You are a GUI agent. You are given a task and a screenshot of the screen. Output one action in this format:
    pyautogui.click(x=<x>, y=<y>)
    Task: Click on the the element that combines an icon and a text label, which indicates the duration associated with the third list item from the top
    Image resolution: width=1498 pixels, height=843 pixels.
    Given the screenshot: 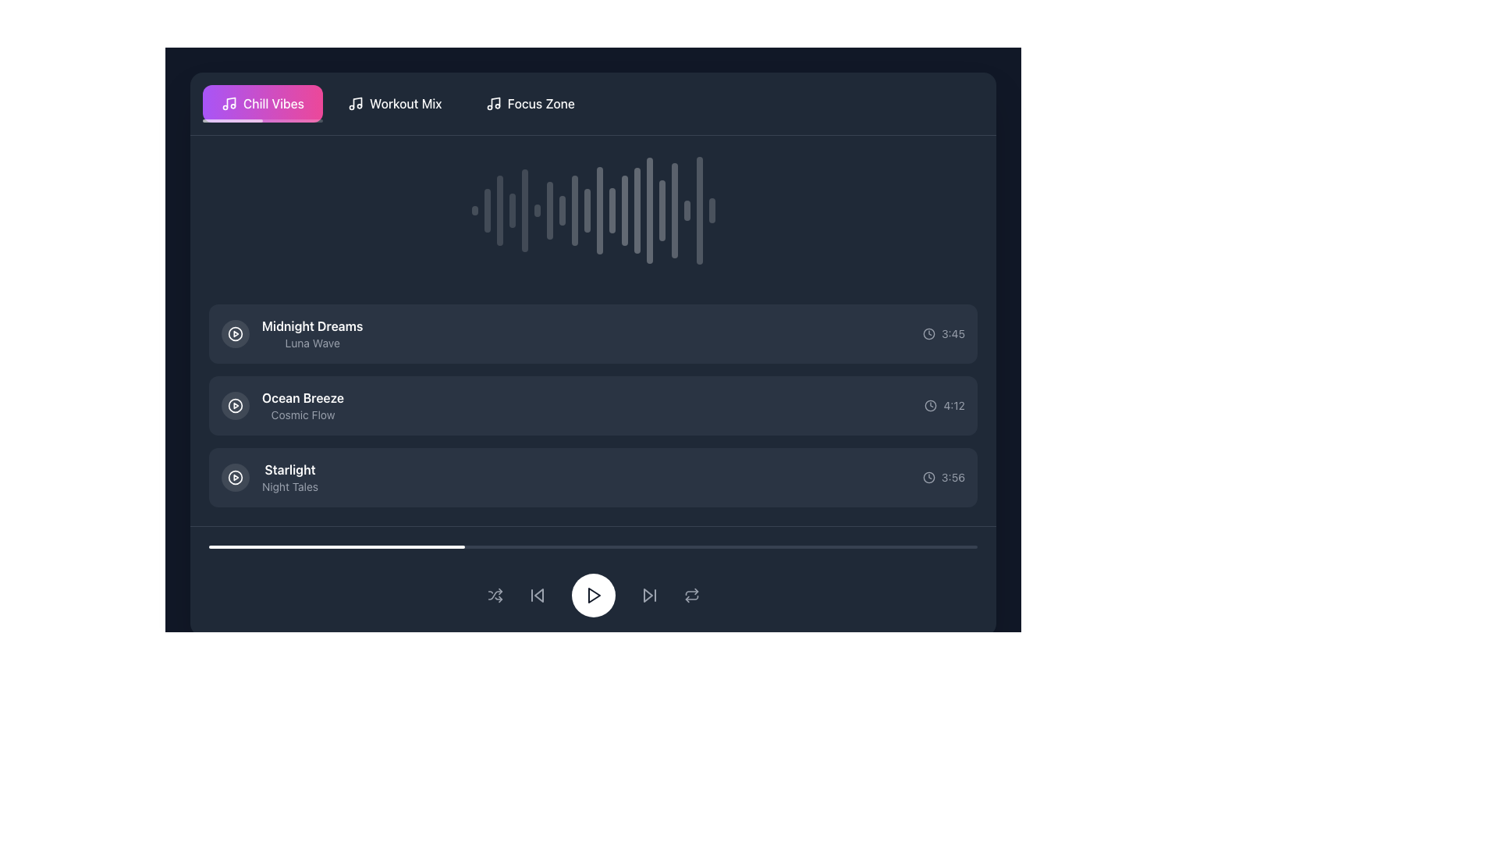 What is the action you would take?
    pyautogui.click(x=942, y=477)
    